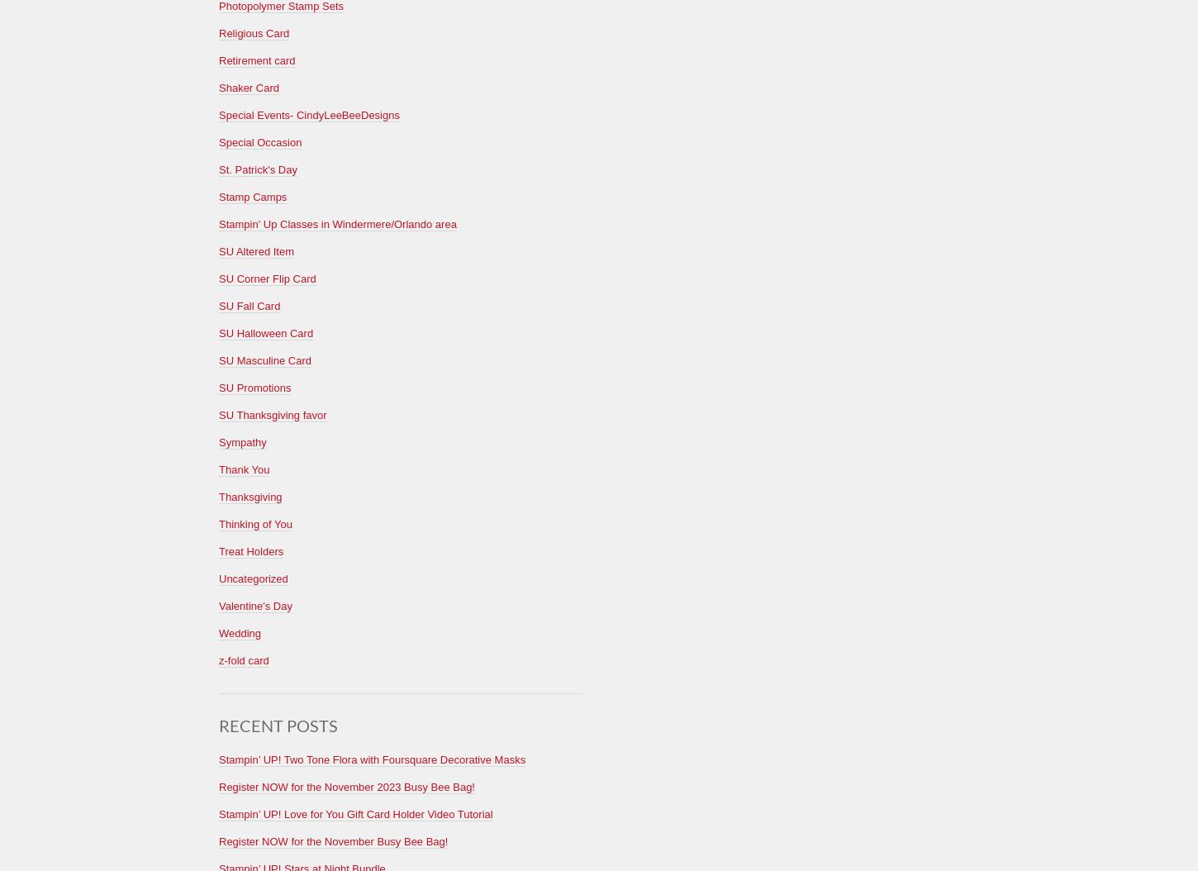  I want to click on 'Sympathy', so click(242, 441).